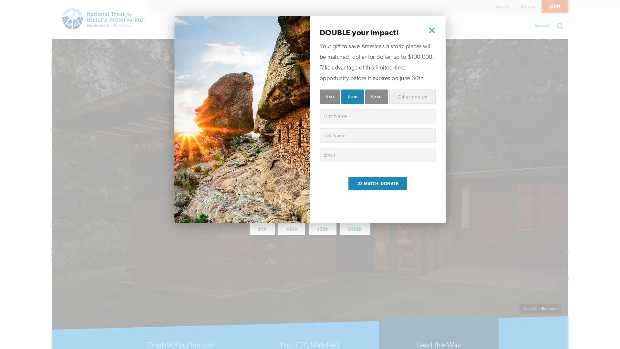  I want to click on Open Save Places section of the nav, so click(197, 26).